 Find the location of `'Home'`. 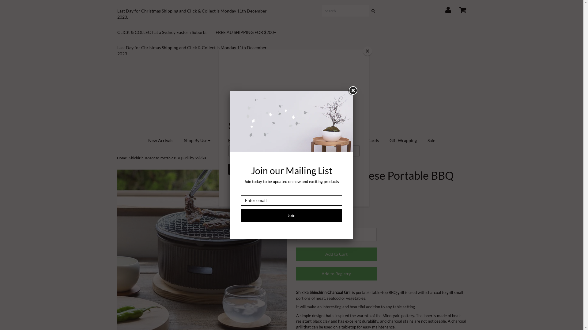

'Home' is located at coordinates (117, 157).